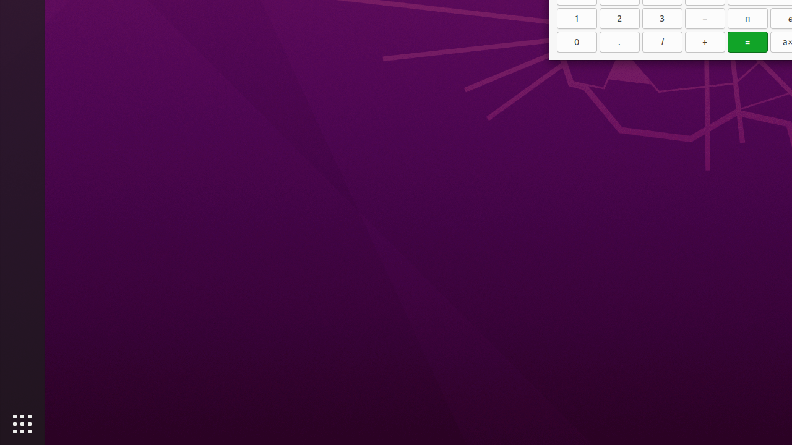  I want to click on 'i', so click(661, 41).